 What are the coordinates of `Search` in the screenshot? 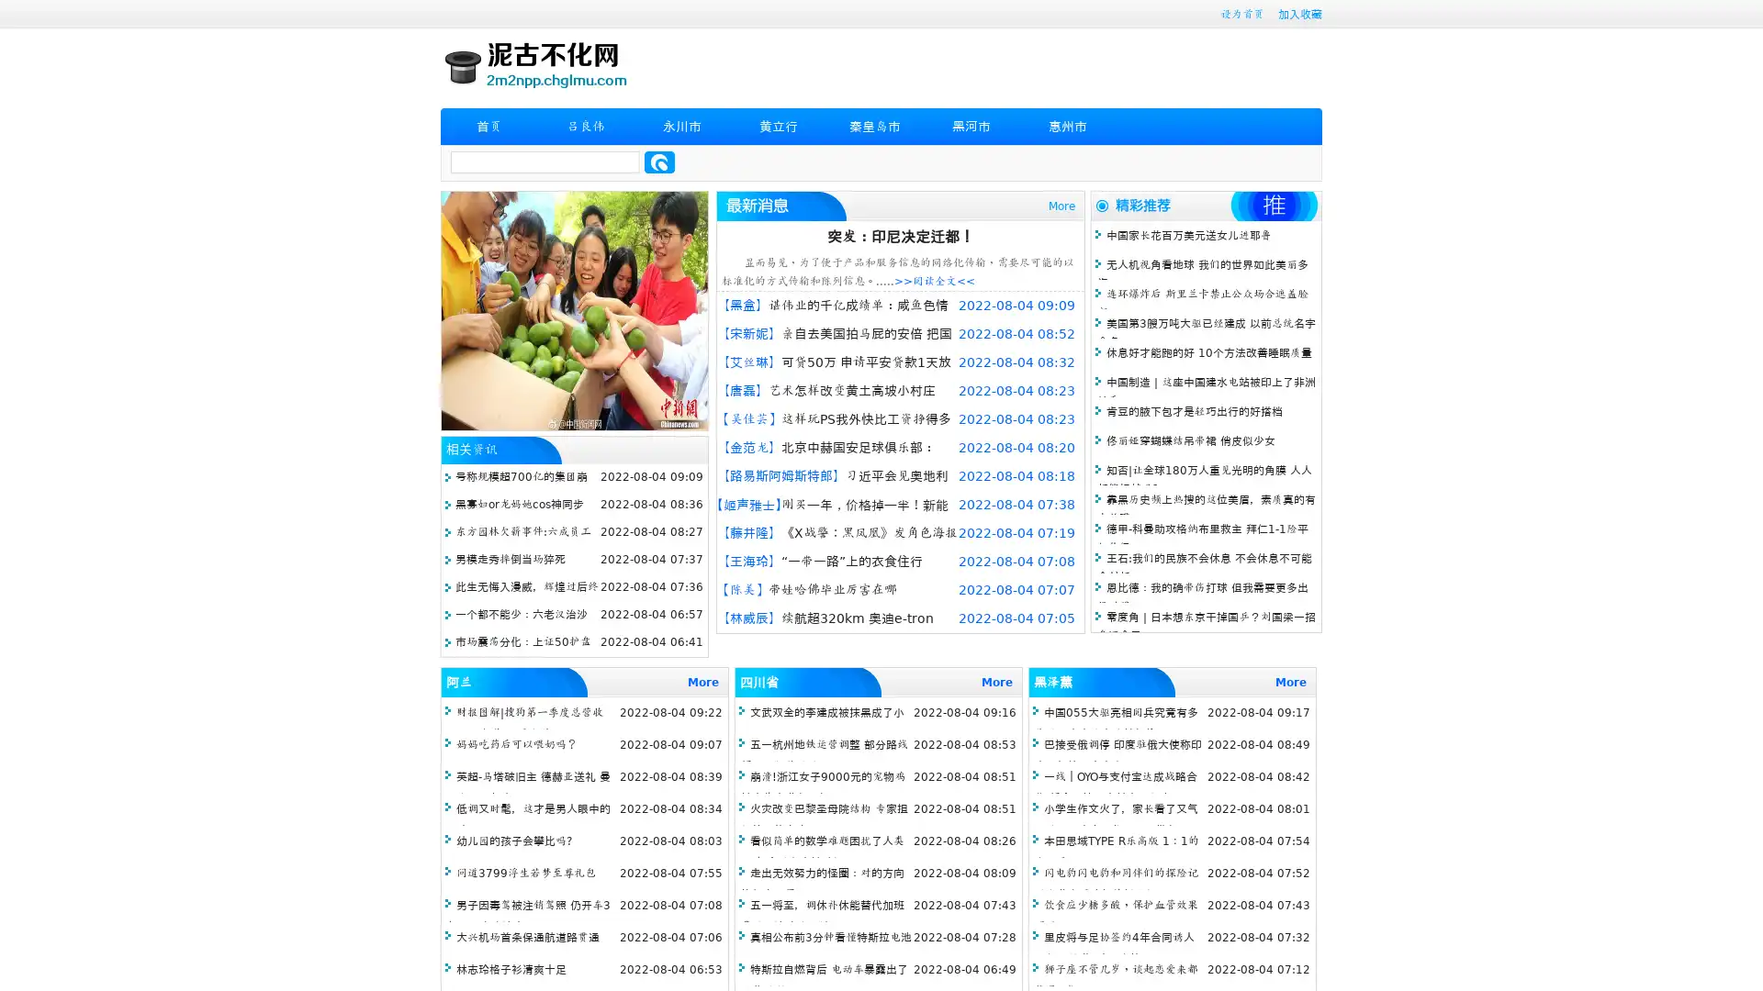 It's located at (659, 161).